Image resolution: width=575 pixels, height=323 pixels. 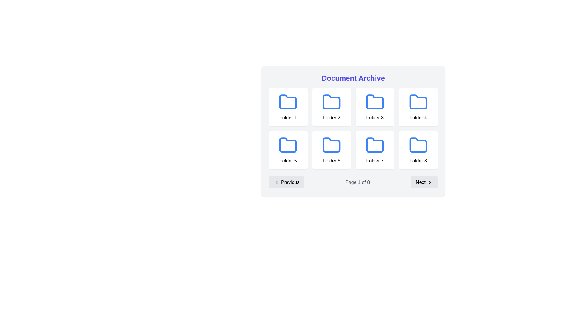 What do you see at coordinates (331, 160) in the screenshot?
I see `the text label of the sixth folder in the 2x4 grid, which displays the folder's name for identification` at bounding box center [331, 160].